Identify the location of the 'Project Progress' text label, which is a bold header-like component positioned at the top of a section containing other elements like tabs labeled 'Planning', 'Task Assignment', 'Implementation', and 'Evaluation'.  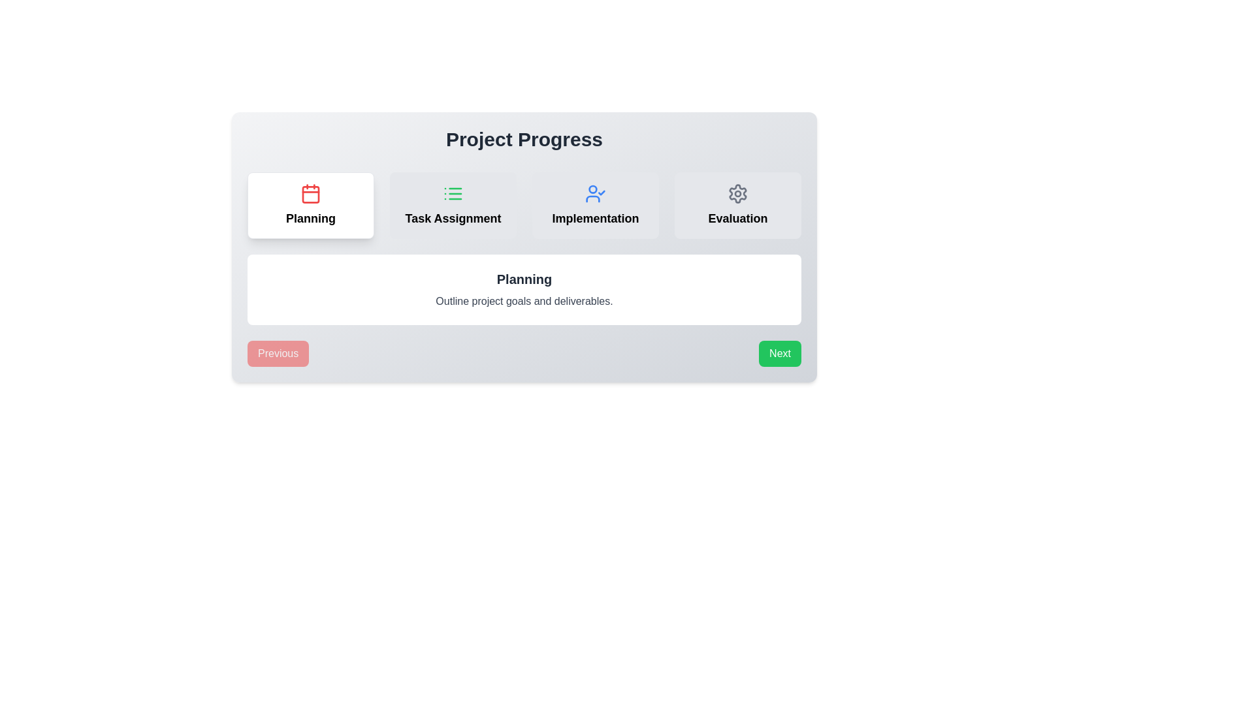
(524, 139).